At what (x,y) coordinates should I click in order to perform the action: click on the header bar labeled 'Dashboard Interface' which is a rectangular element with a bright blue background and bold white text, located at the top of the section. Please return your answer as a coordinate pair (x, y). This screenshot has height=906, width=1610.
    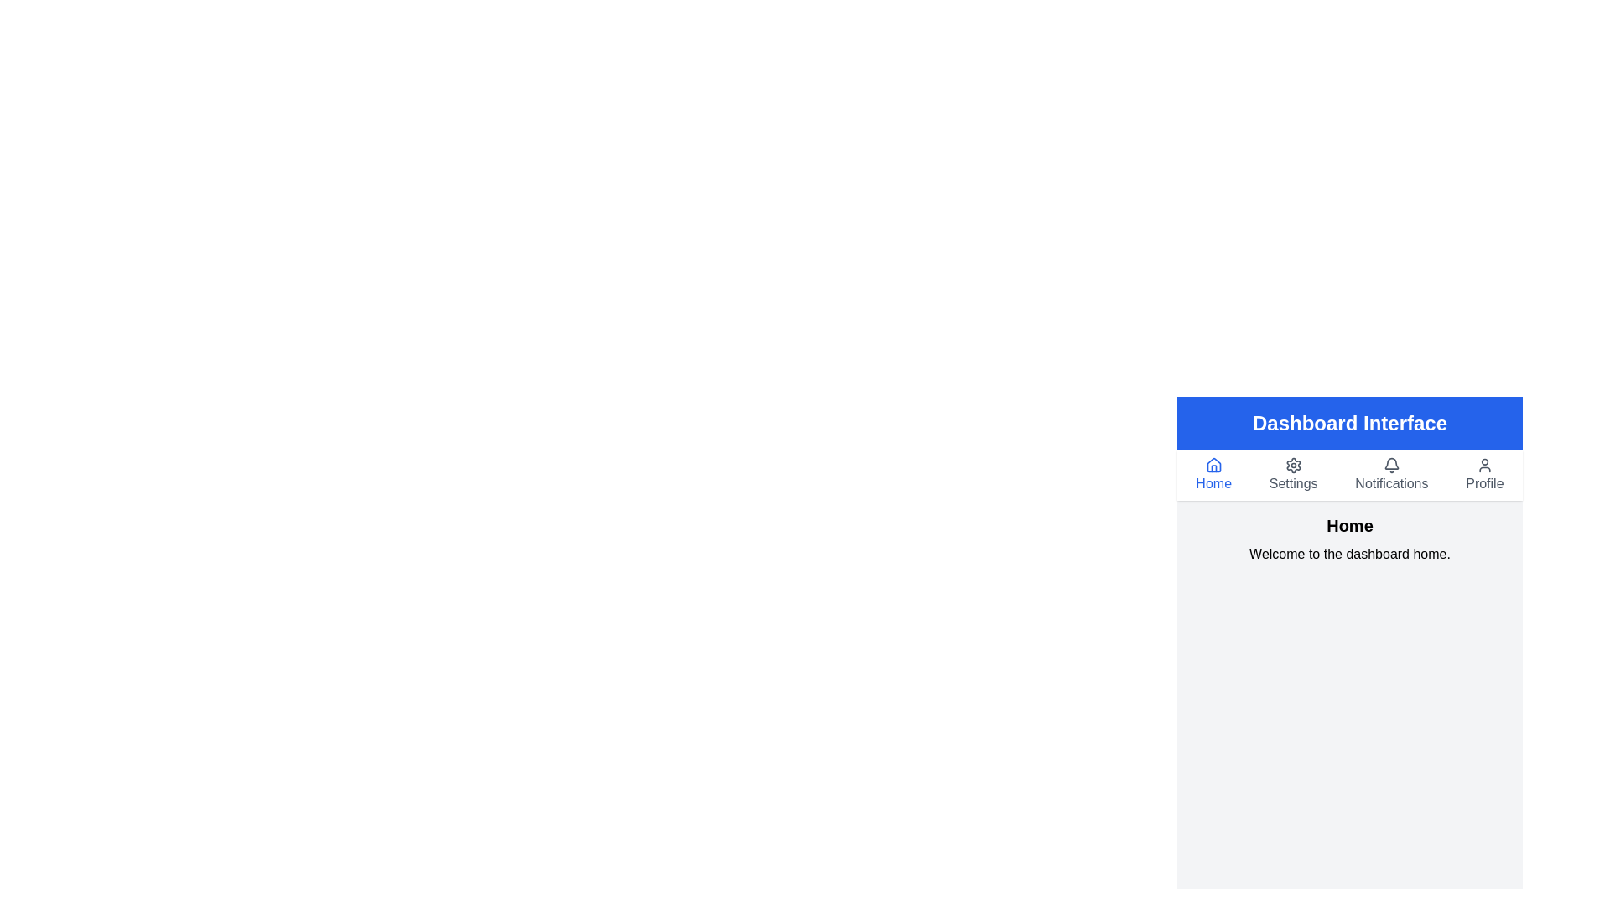
    Looking at the image, I should click on (1349, 423).